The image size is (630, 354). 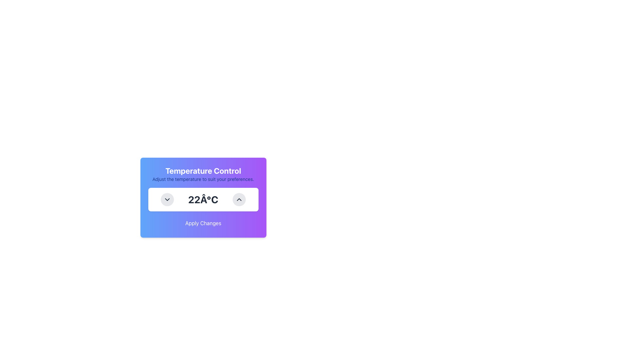 What do you see at coordinates (203, 199) in the screenshot?
I see `the static text element displaying '22°C', which is bold and large, located below the title 'Temperature Control' and above the 'Apply Changes' button` at bounding box center [203, 199].